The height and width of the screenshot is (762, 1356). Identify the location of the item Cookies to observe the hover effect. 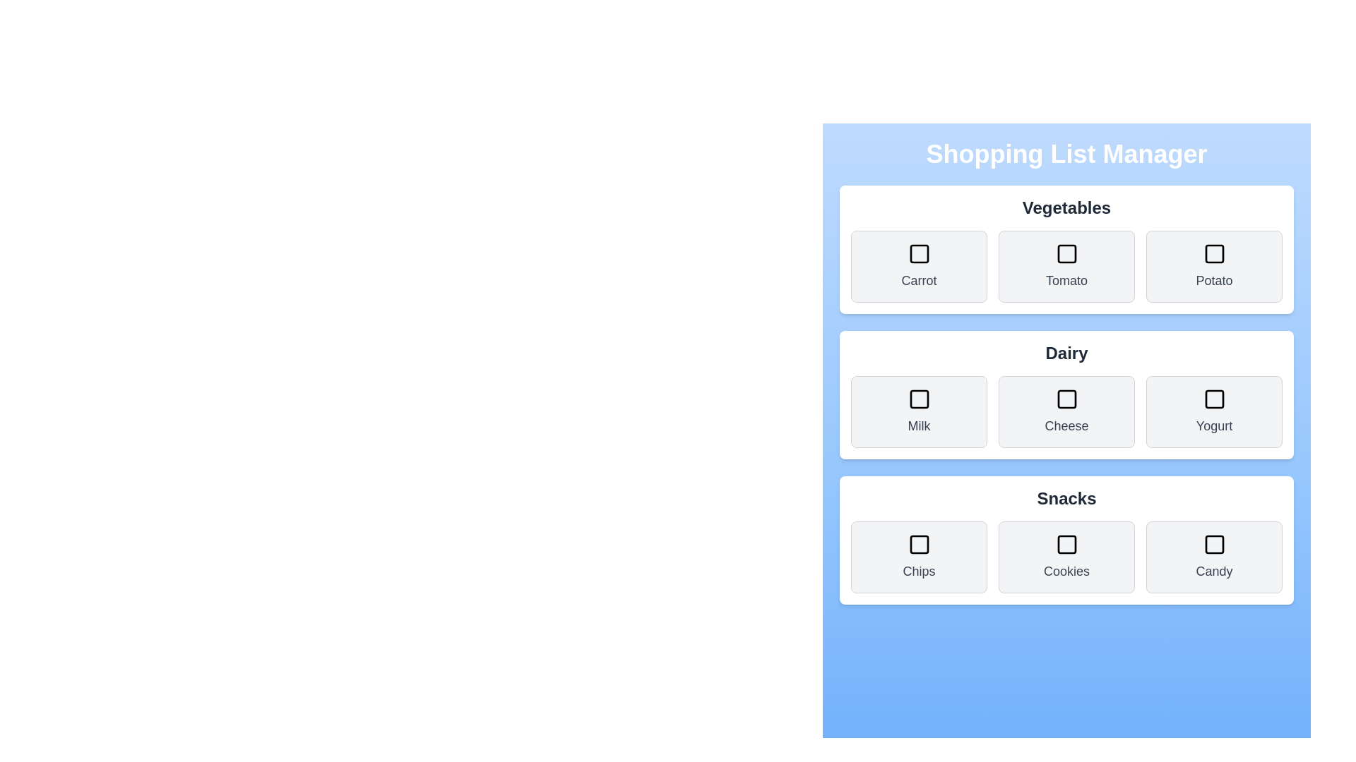
(1066, 557).